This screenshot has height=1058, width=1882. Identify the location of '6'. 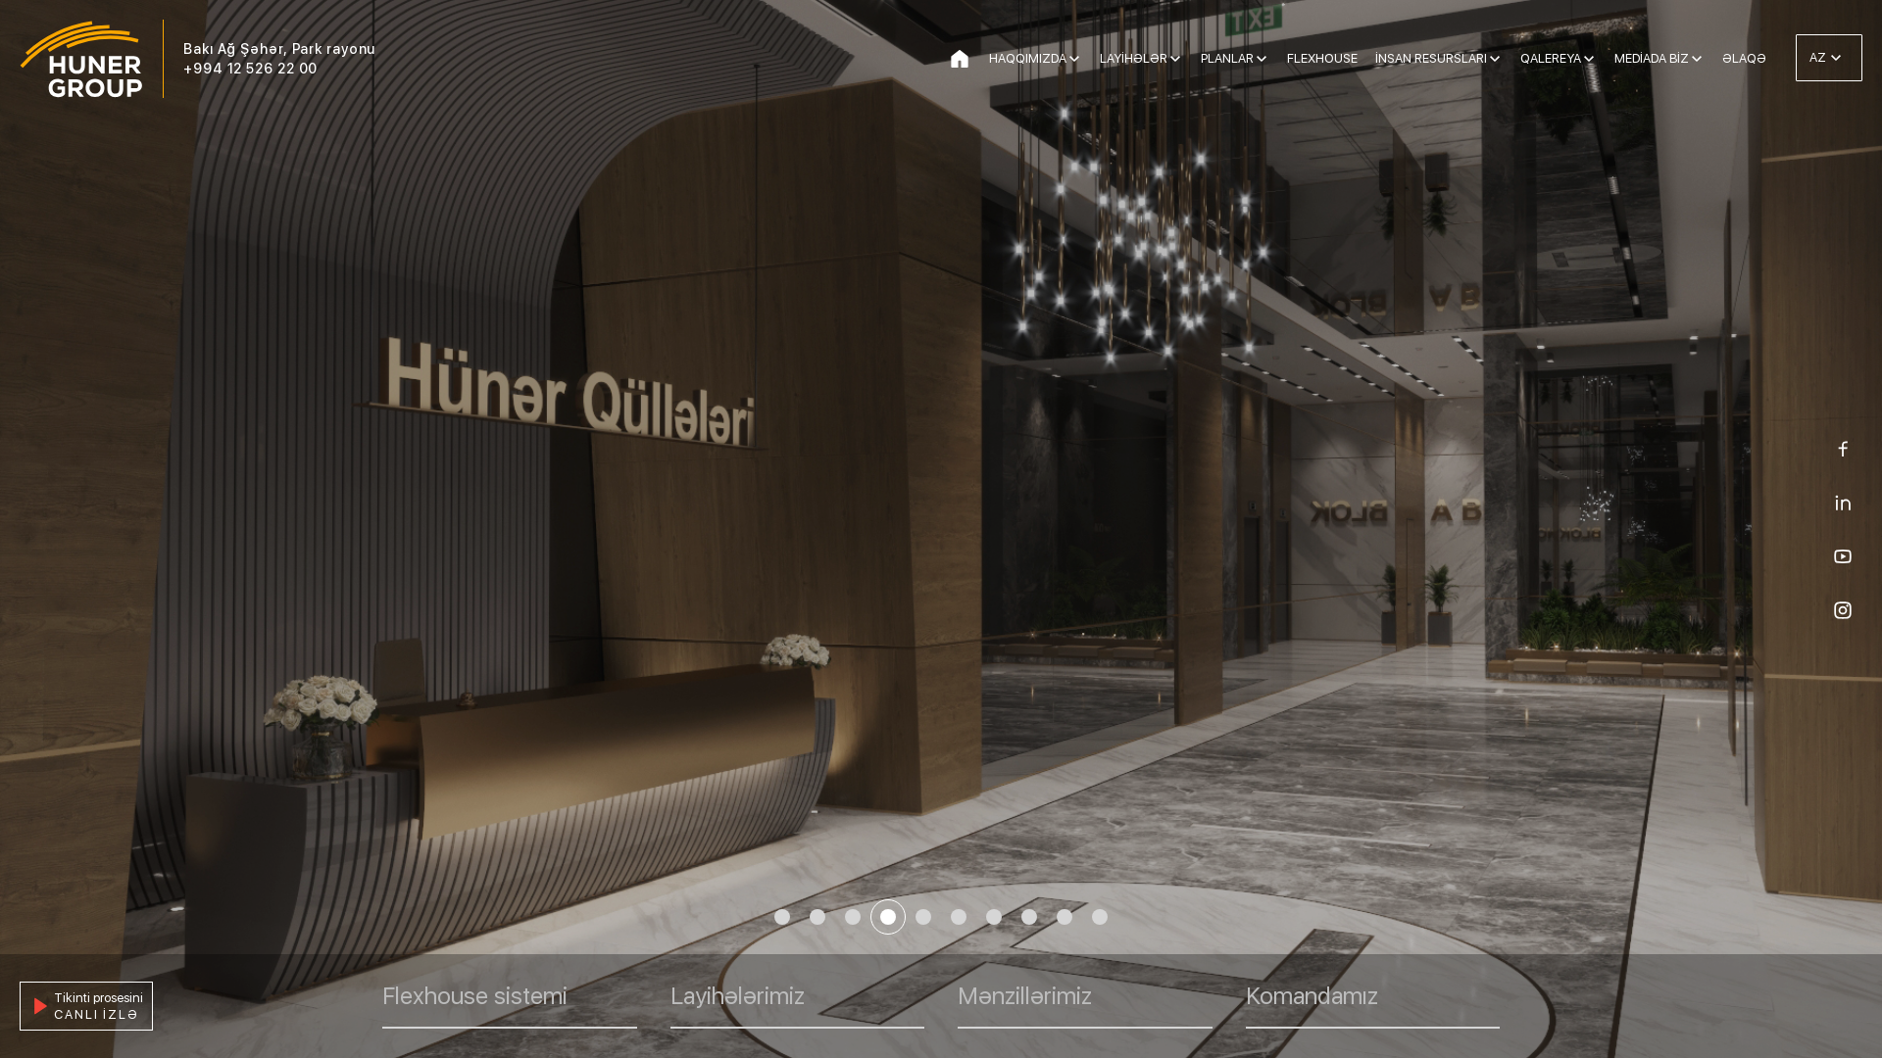
(959, 917).